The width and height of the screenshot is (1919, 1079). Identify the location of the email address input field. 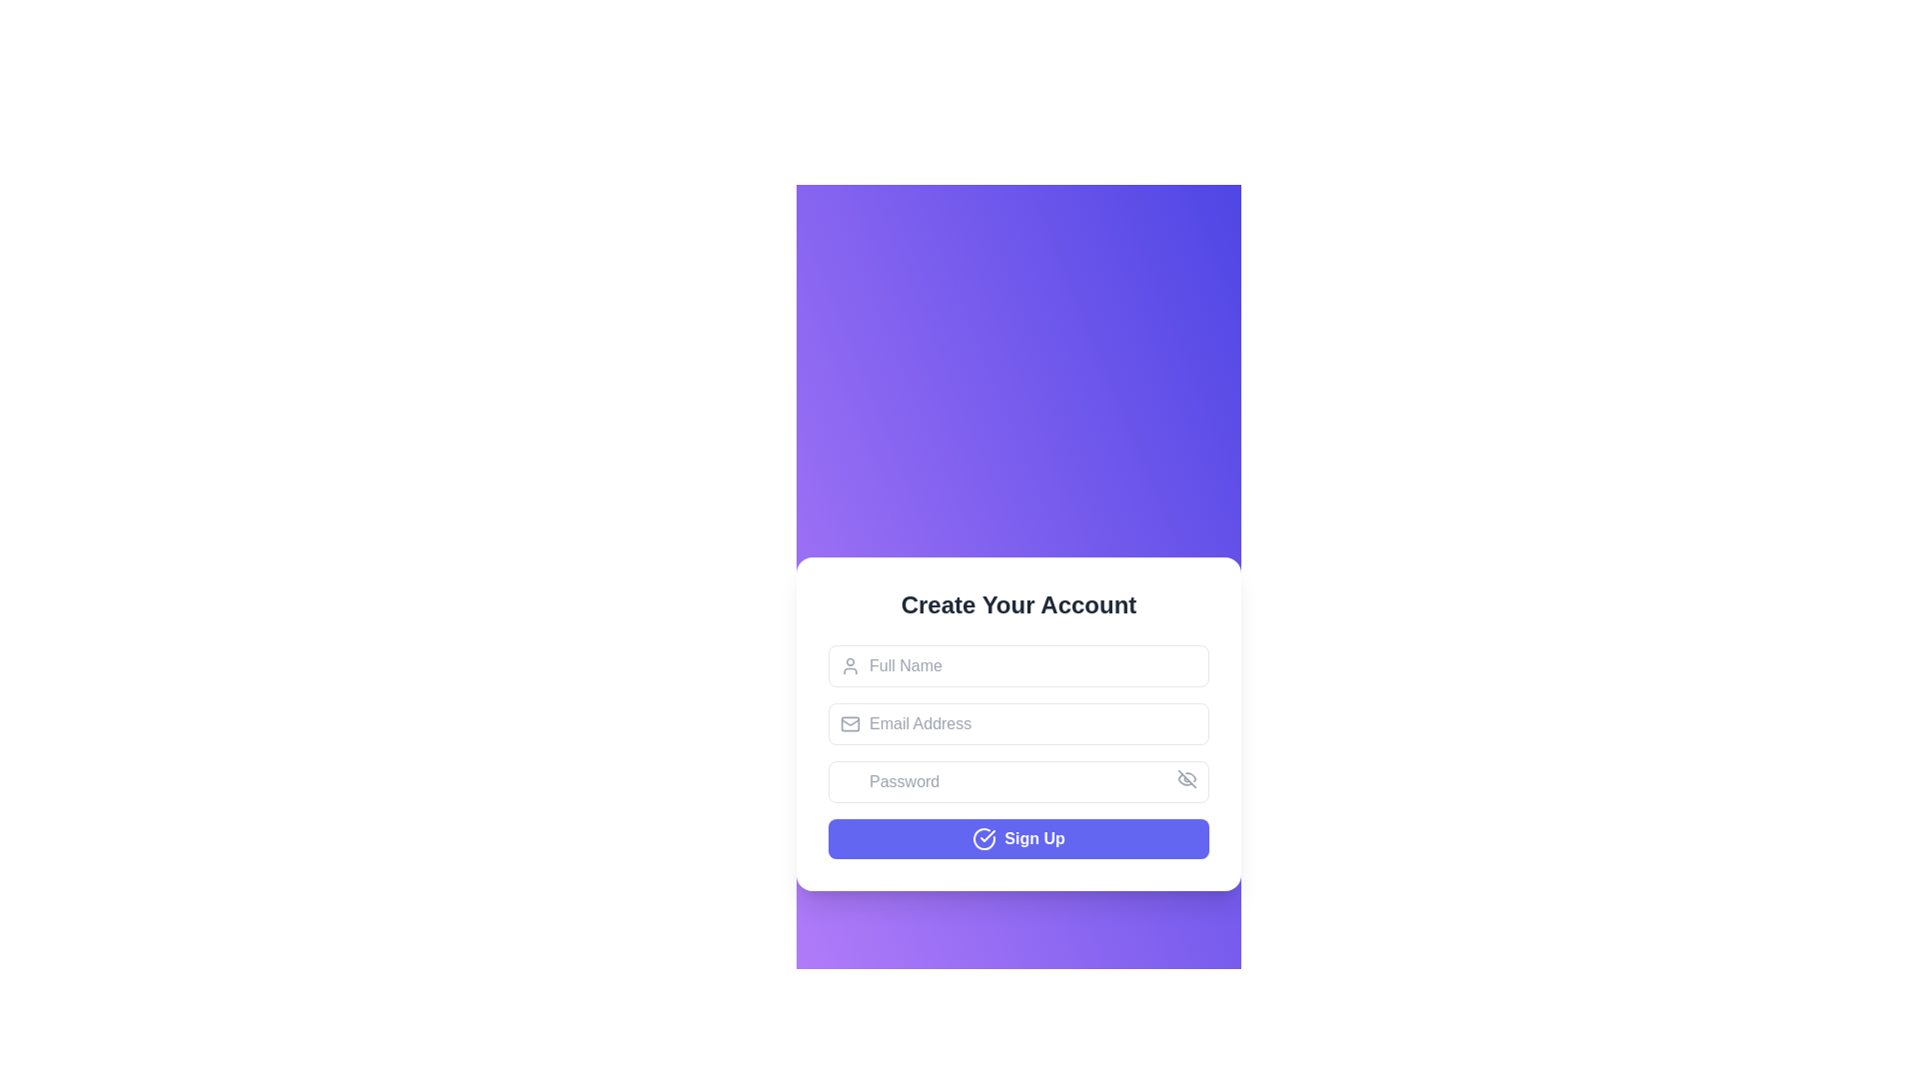
(1018, 723).